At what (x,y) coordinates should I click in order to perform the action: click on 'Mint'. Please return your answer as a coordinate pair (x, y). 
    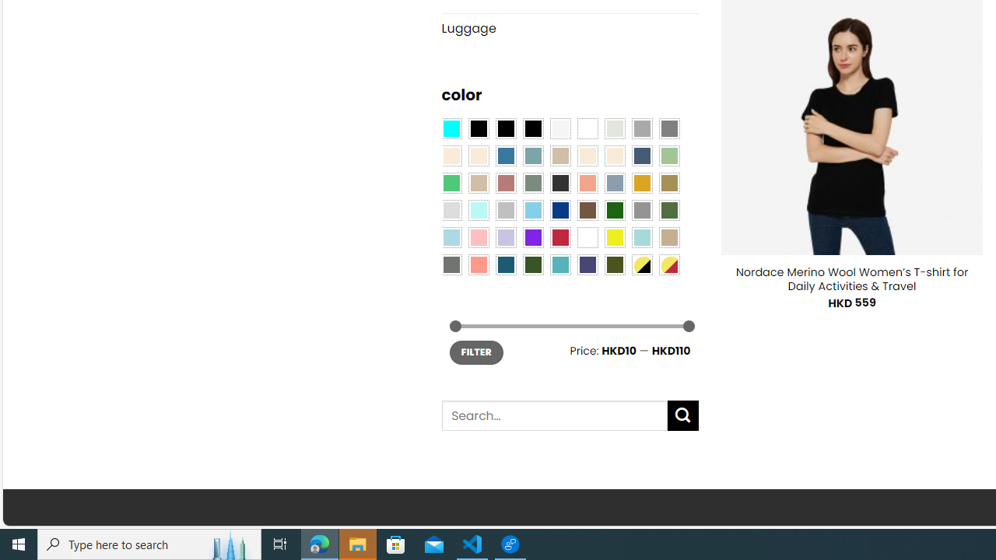
    Looking at the image, I should click on (478, 210).